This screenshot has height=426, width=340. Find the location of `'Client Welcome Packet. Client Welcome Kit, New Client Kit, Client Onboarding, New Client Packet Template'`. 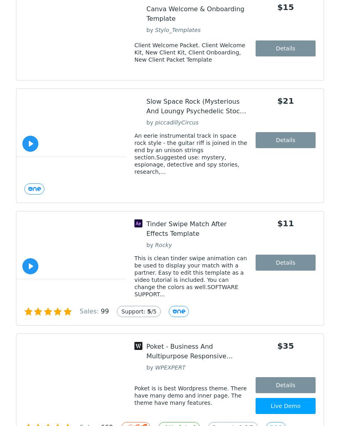

'Client Welcome Packet. Client Welcome Kit, New Client Kit, Client Onboarding, New Client Packet Template' is located at coordinates (190, 52).